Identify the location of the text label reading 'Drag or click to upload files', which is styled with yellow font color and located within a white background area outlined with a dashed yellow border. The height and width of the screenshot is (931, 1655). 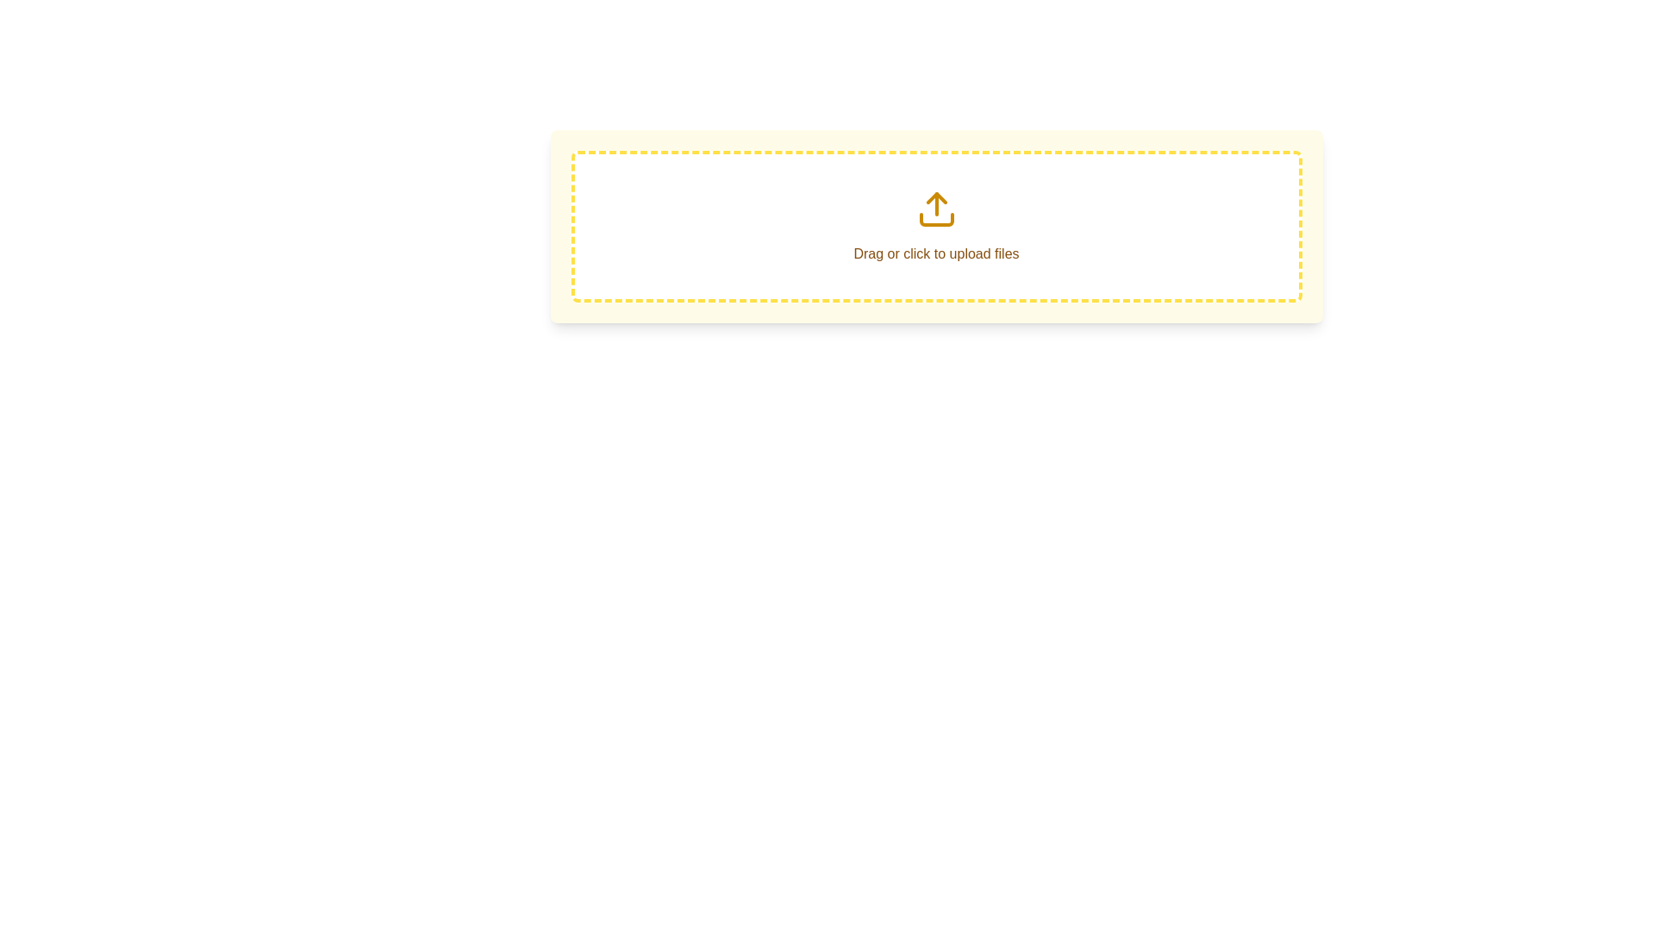
(935, 225).